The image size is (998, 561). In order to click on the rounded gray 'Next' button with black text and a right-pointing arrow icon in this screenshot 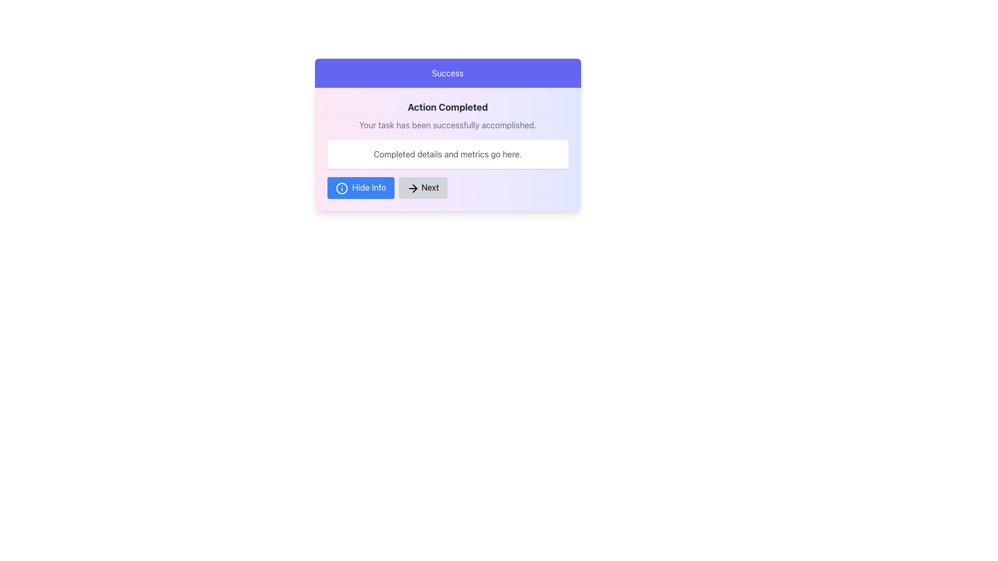, I will do `click(423, 188)`.